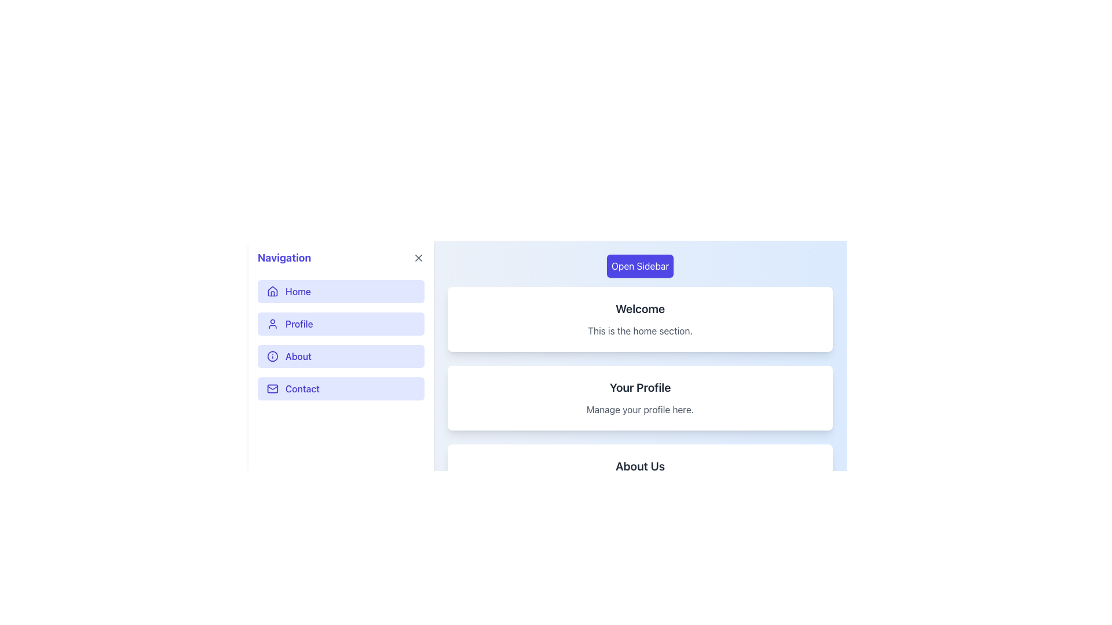 The width and height of the screenshot is (1112, 625). I want to click on text from the header label located at the top-left corner of the sidebar, which indicates the section's purpose, so click(284, 258).